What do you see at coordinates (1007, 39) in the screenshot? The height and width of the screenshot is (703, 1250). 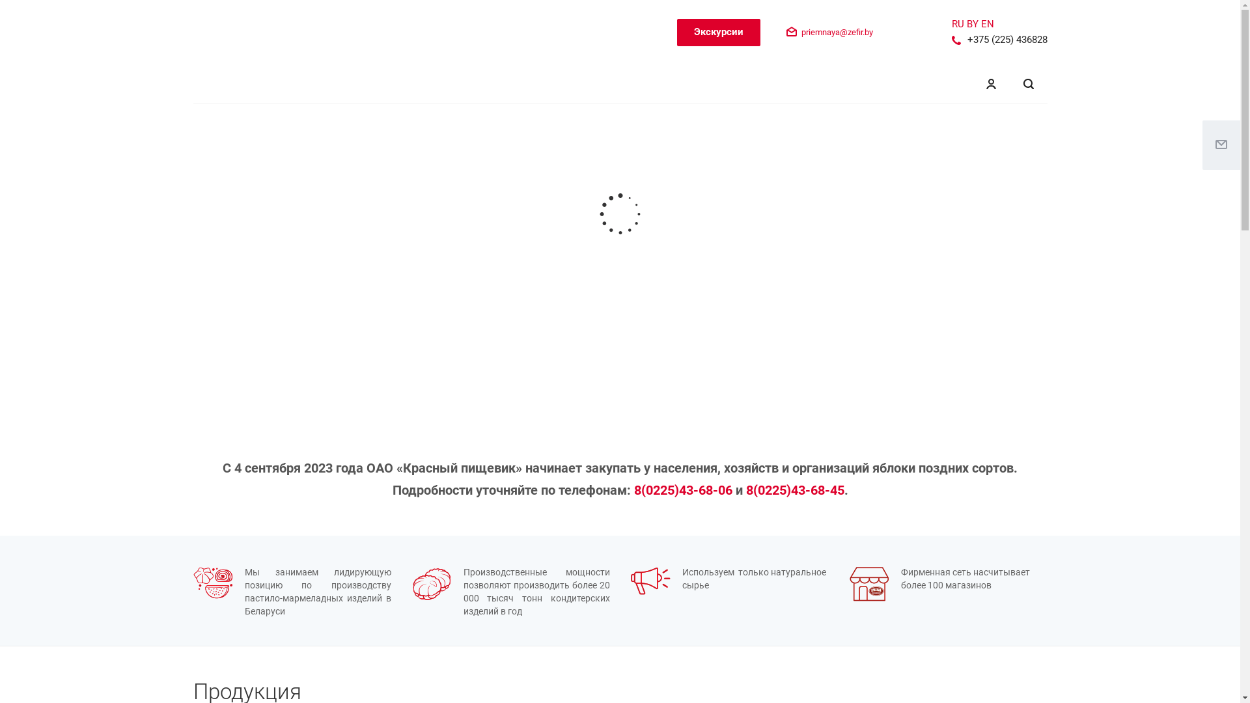 I see `'+375 (225) 436828'` at bounding box center [1007, 39].